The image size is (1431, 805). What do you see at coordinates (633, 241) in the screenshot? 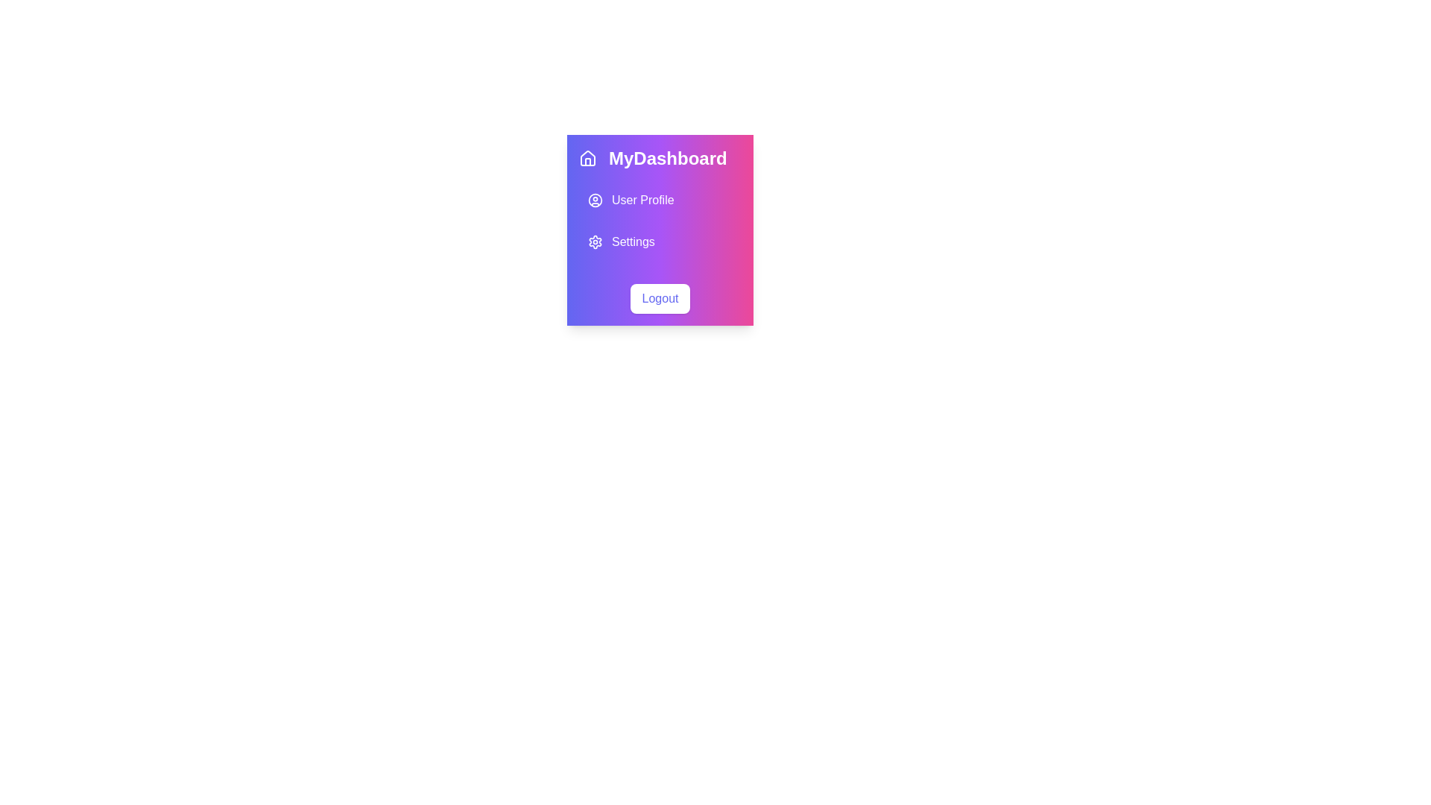
I see `the 'Settings' text label in the vertical navigation menu, which is the third option below 'User Profile' and is displayed in white color on a purple background` at bounding box center [633, 241].